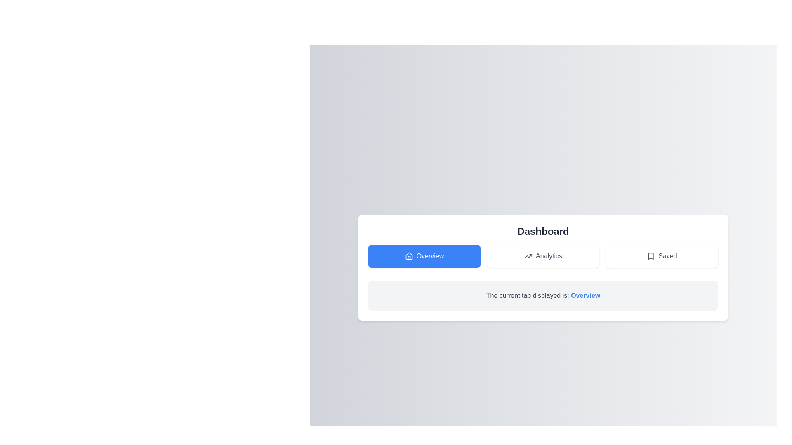  Describe the element at coordinates (549, 255) in the screenshot. I see `the 'Analytics' text label, which serves as the identifier for the button next to the corresponding icon` at that location.